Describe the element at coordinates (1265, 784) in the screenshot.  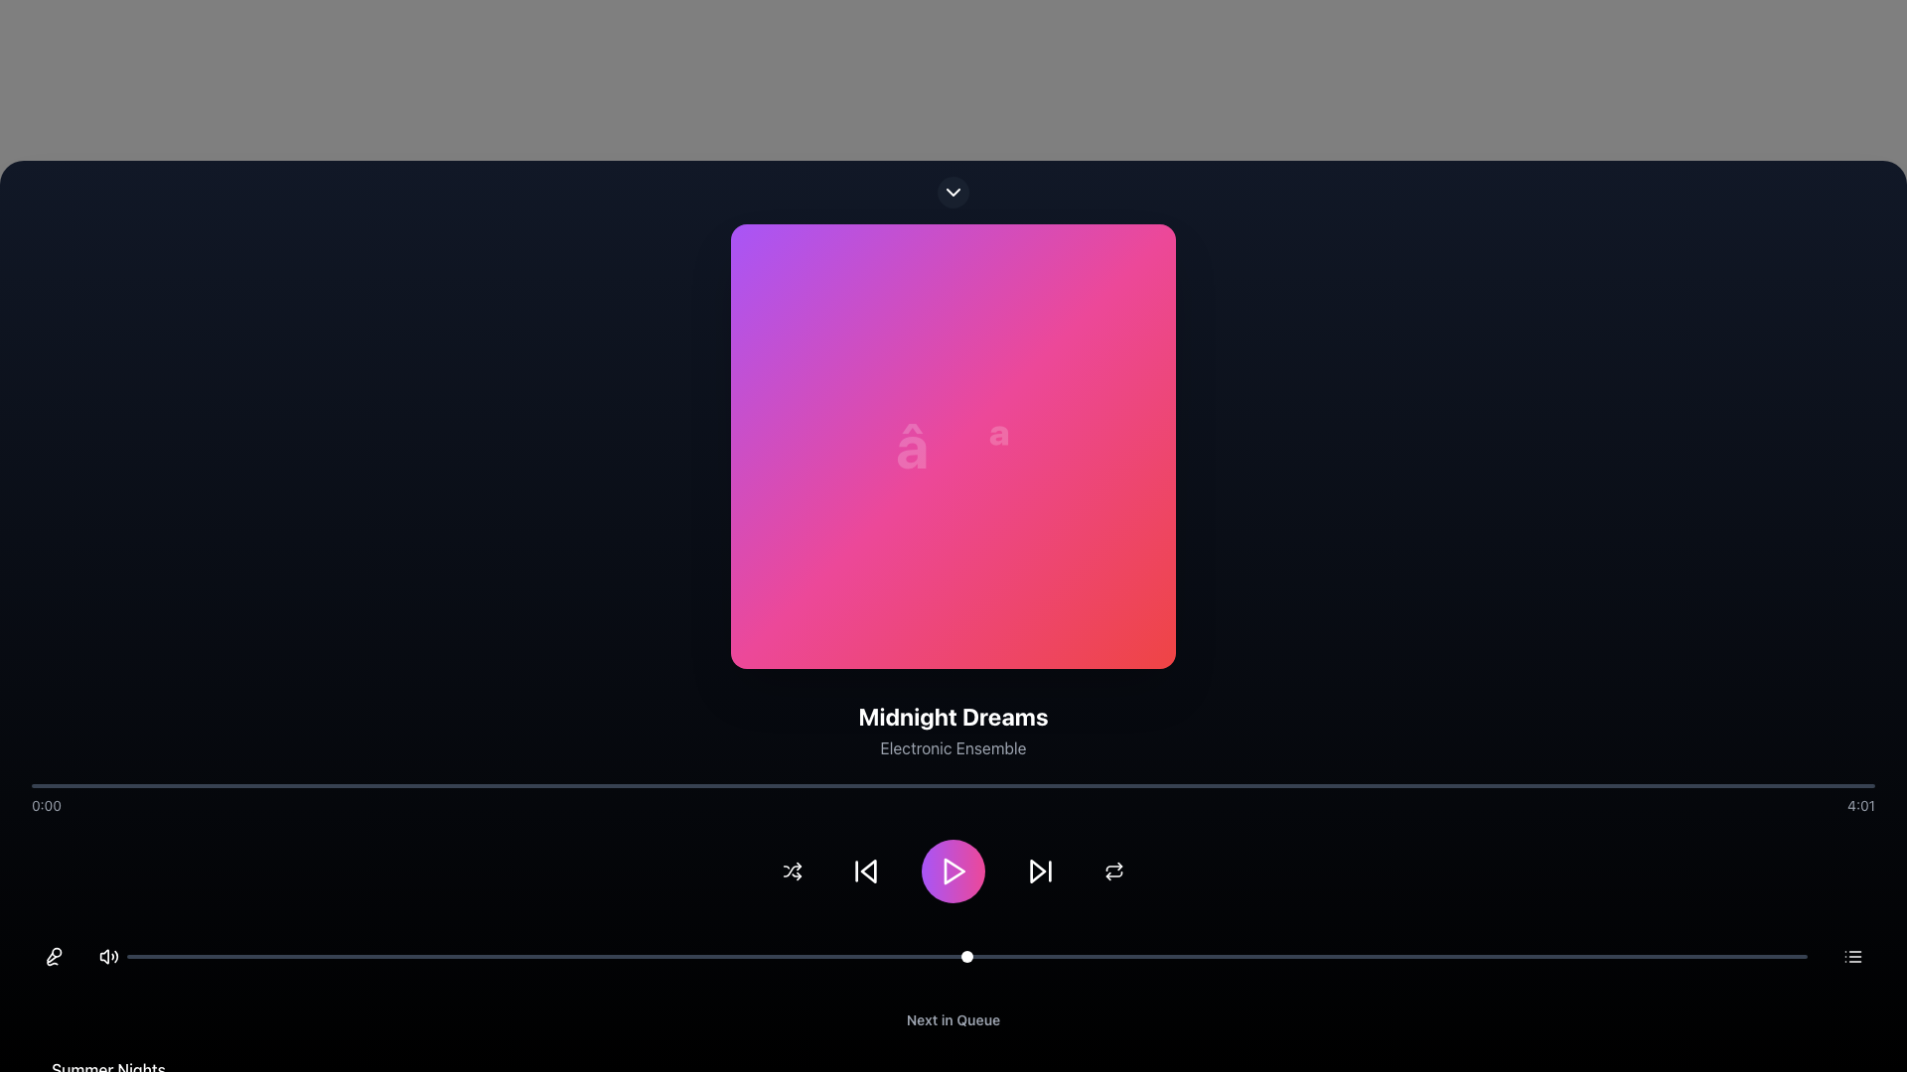
I see `playback position` at that location.